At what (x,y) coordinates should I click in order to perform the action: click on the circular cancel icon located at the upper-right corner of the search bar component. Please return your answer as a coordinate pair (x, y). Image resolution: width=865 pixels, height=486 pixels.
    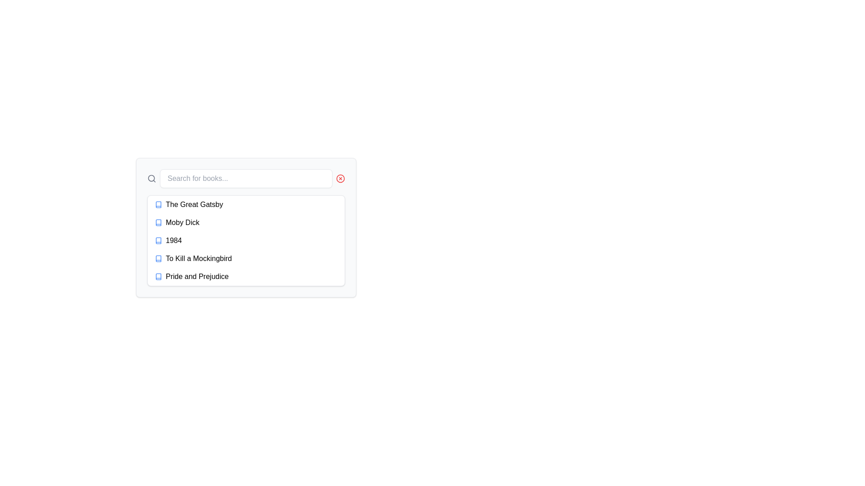
    Looking at the image, I should click on (340, 179).